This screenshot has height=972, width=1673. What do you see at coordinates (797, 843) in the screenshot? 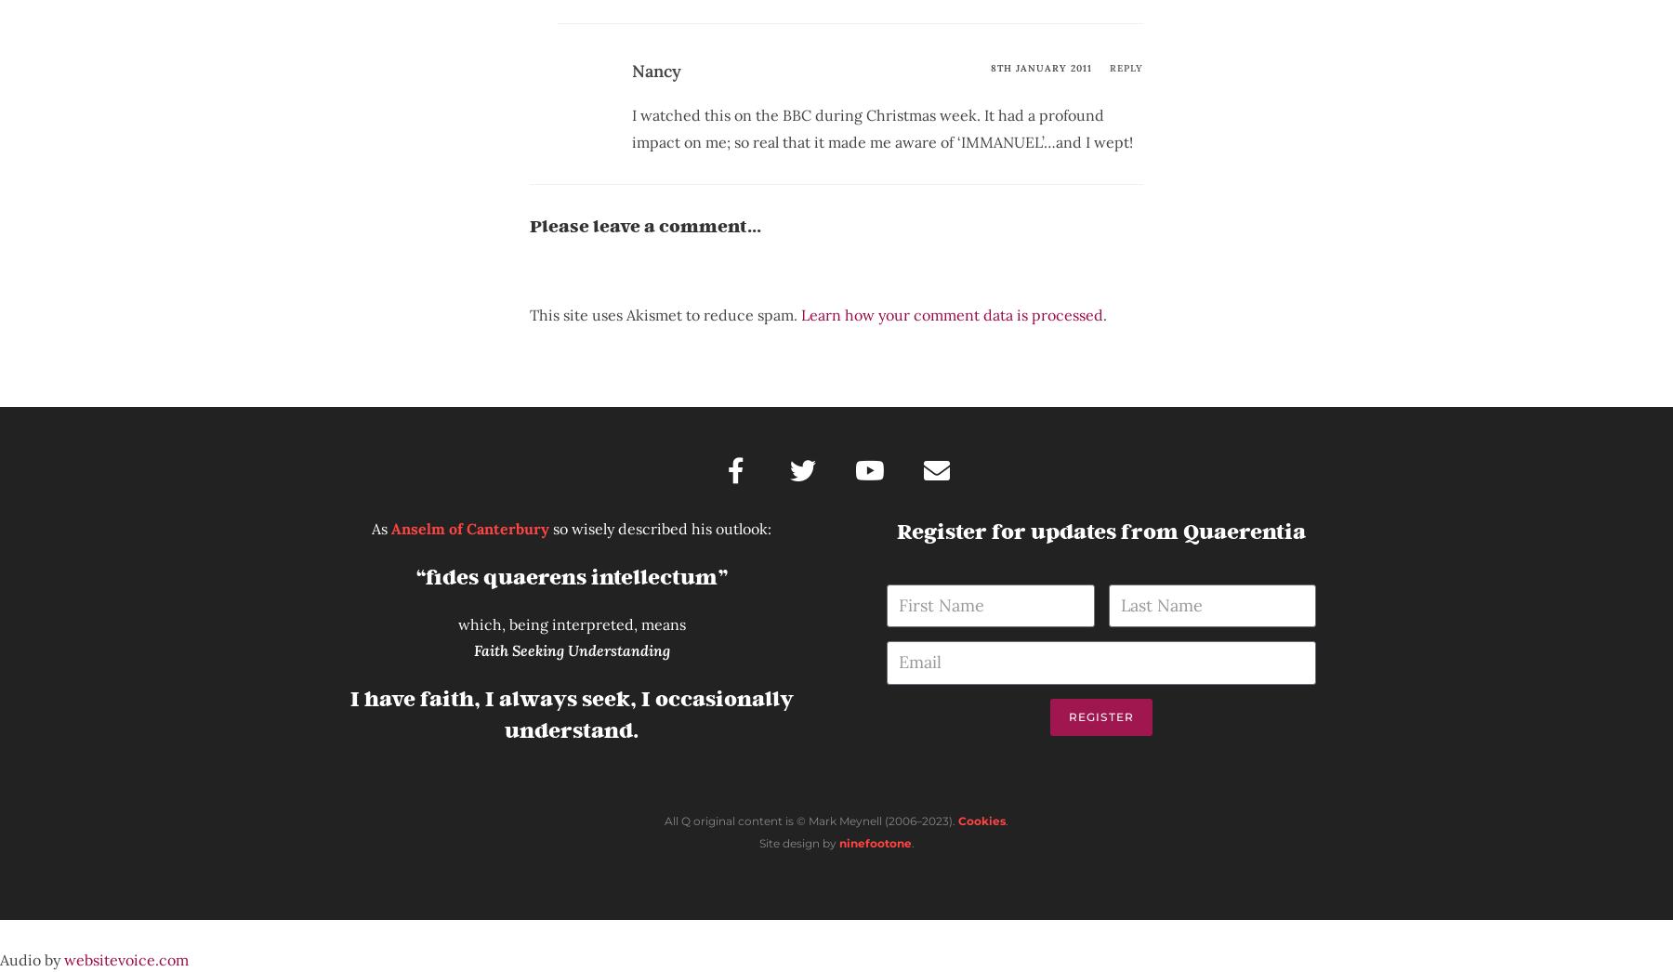
I see `'Site design by'` at bounding box center [797, 843].